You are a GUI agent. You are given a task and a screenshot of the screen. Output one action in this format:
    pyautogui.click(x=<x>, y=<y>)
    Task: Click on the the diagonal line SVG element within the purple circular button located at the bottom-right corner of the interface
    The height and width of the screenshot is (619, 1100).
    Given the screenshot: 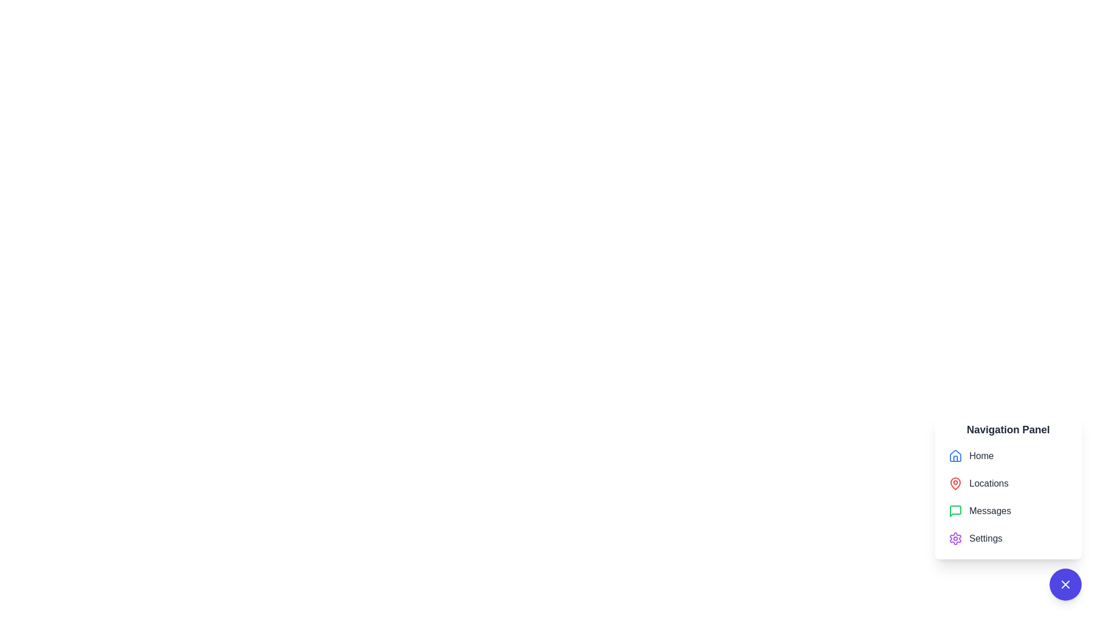 What is the action you would take?
    pyautogui.click(x=1065, y=584)
    